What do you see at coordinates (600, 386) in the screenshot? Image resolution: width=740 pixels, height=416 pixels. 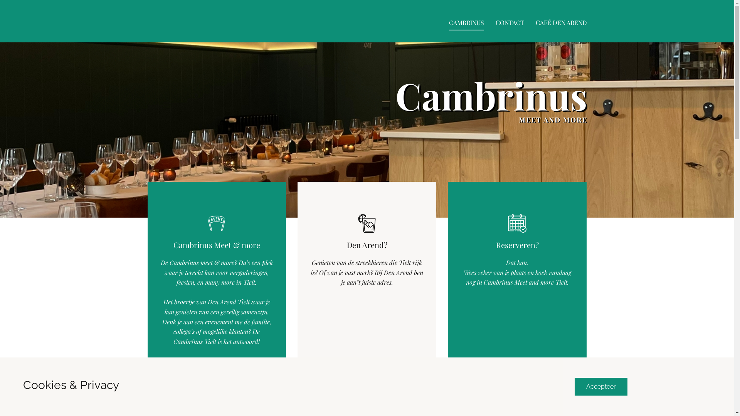 I see `'Accepteer'` at bounding box center [600, 386].